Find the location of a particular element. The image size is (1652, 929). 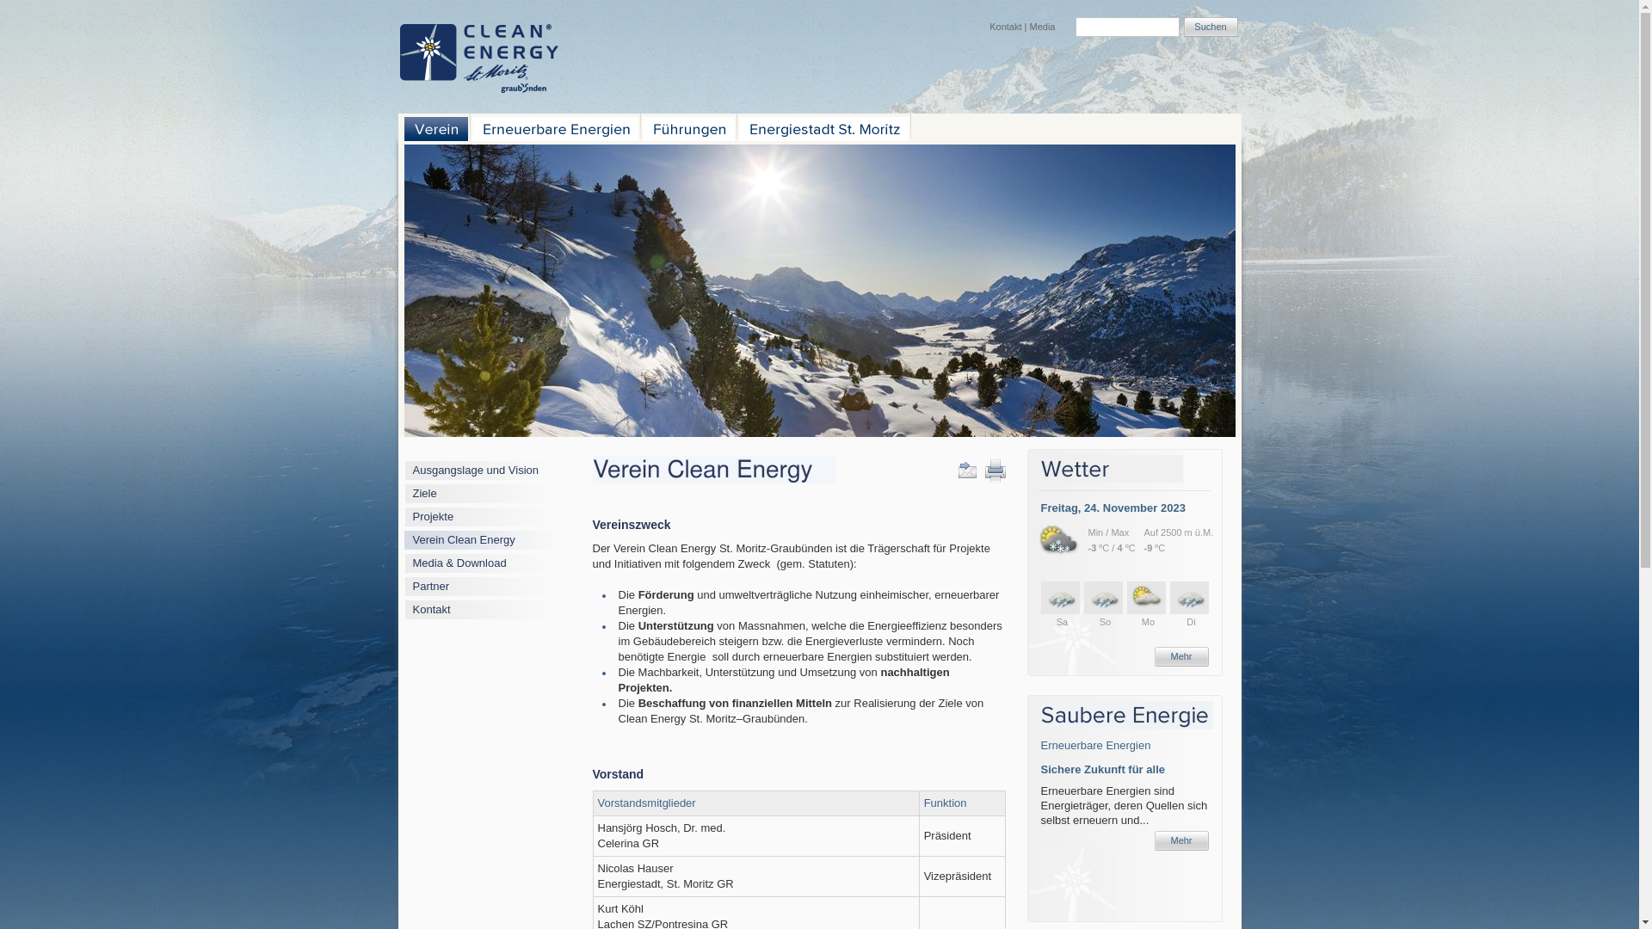

'Energiestadt St. Moritz' is located at coordinates (822, 128).